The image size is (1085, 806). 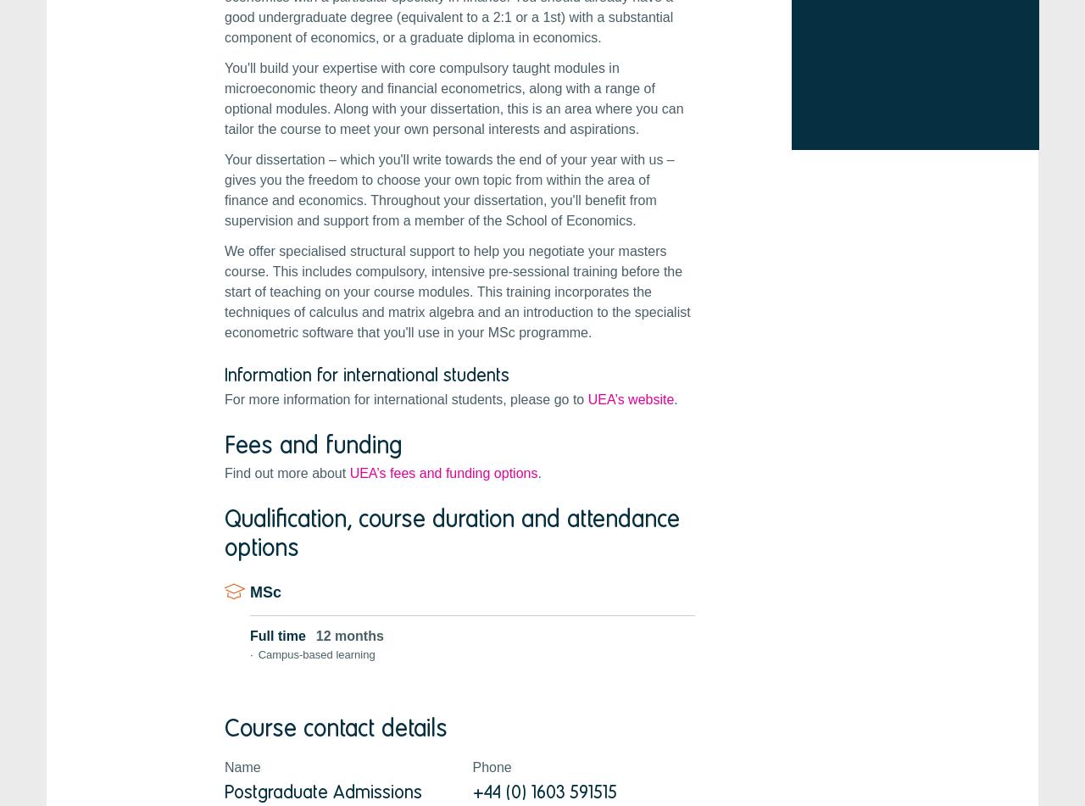 What do you see at coordinates (314, 442) in the screenshot?
I see `'Fees and funding'` at bounding box center [314, 442].